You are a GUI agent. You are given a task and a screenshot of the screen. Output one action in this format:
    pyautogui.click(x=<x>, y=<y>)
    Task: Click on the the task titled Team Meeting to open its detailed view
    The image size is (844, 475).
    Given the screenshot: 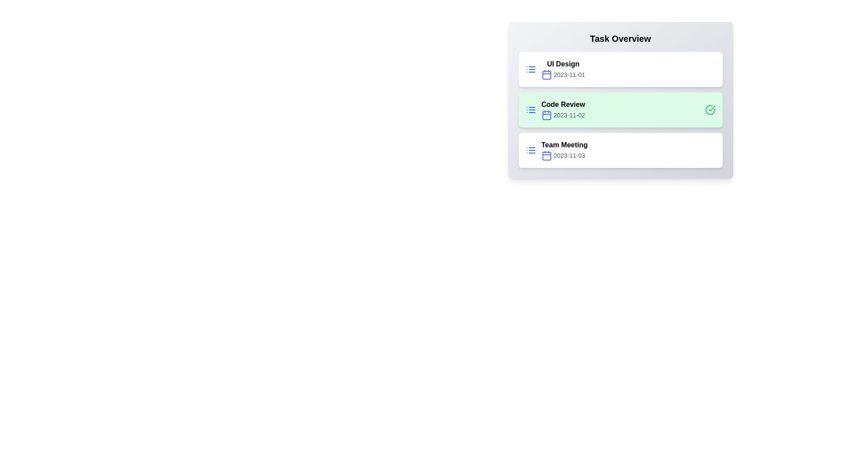 What is the action you would take?
    pyautogui.click(x=620, y=150)
    